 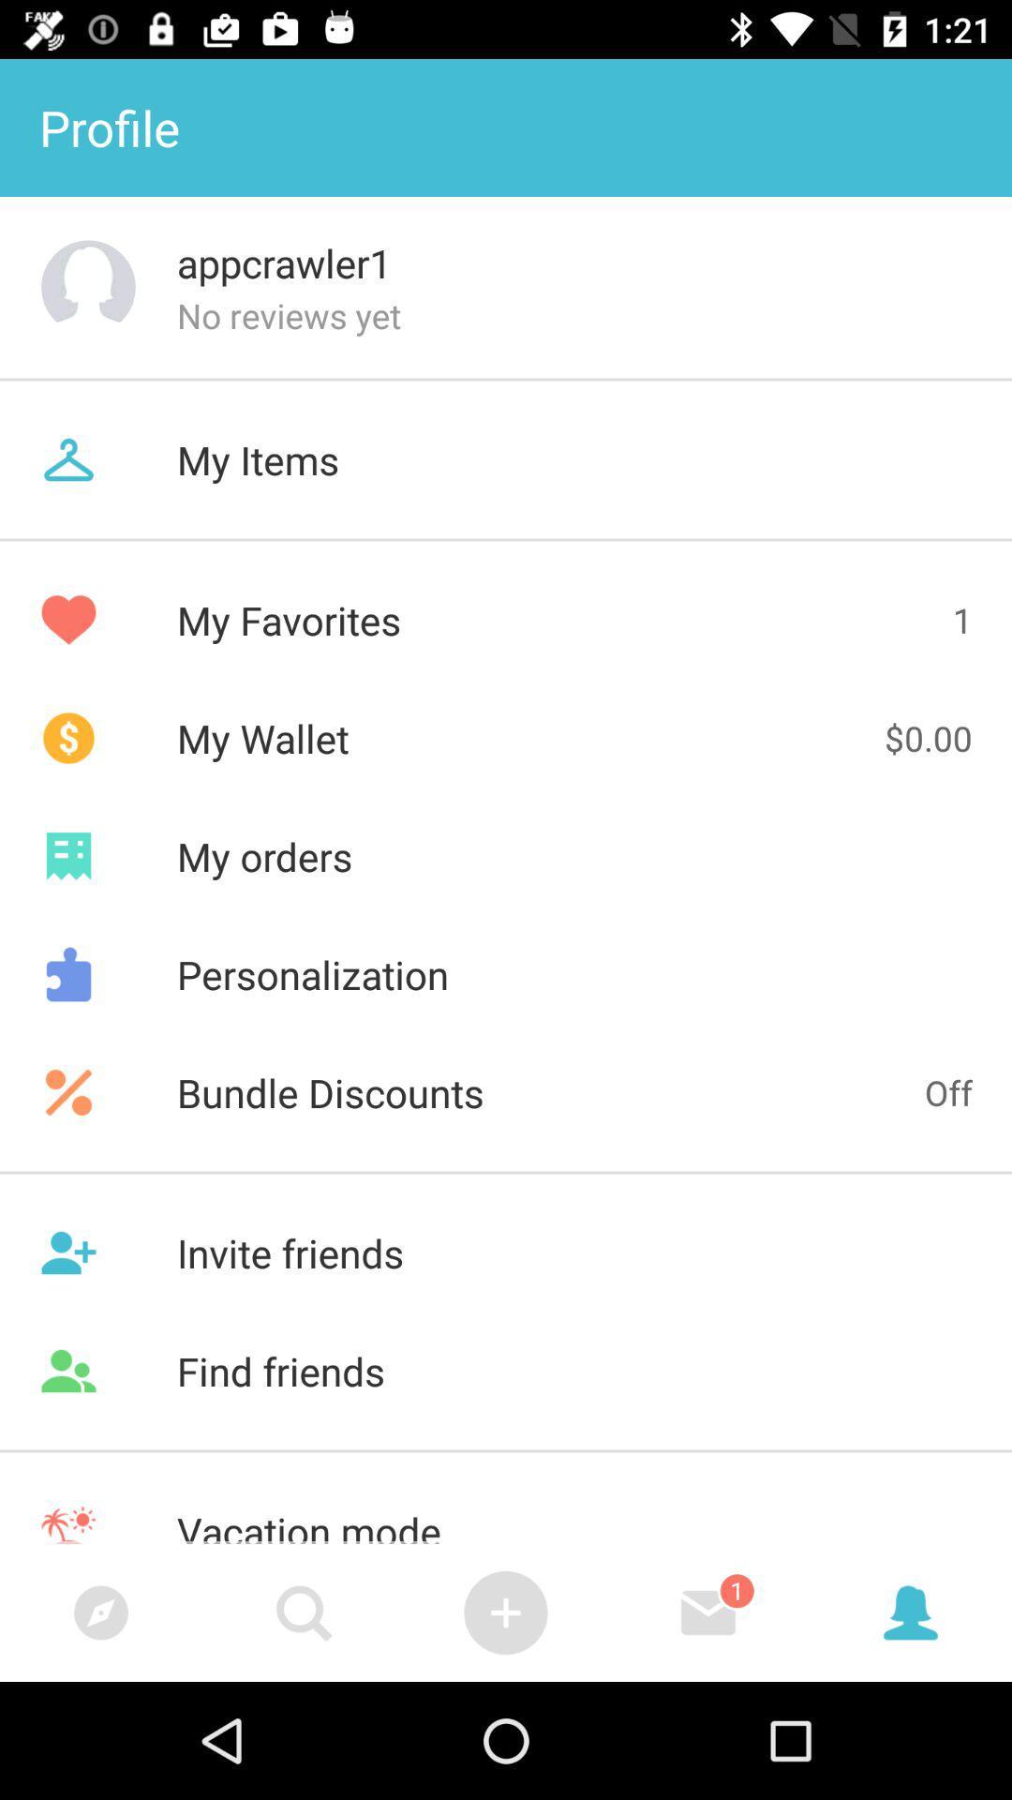 I want to click on the my orders icon, so click(x=506, y=855).